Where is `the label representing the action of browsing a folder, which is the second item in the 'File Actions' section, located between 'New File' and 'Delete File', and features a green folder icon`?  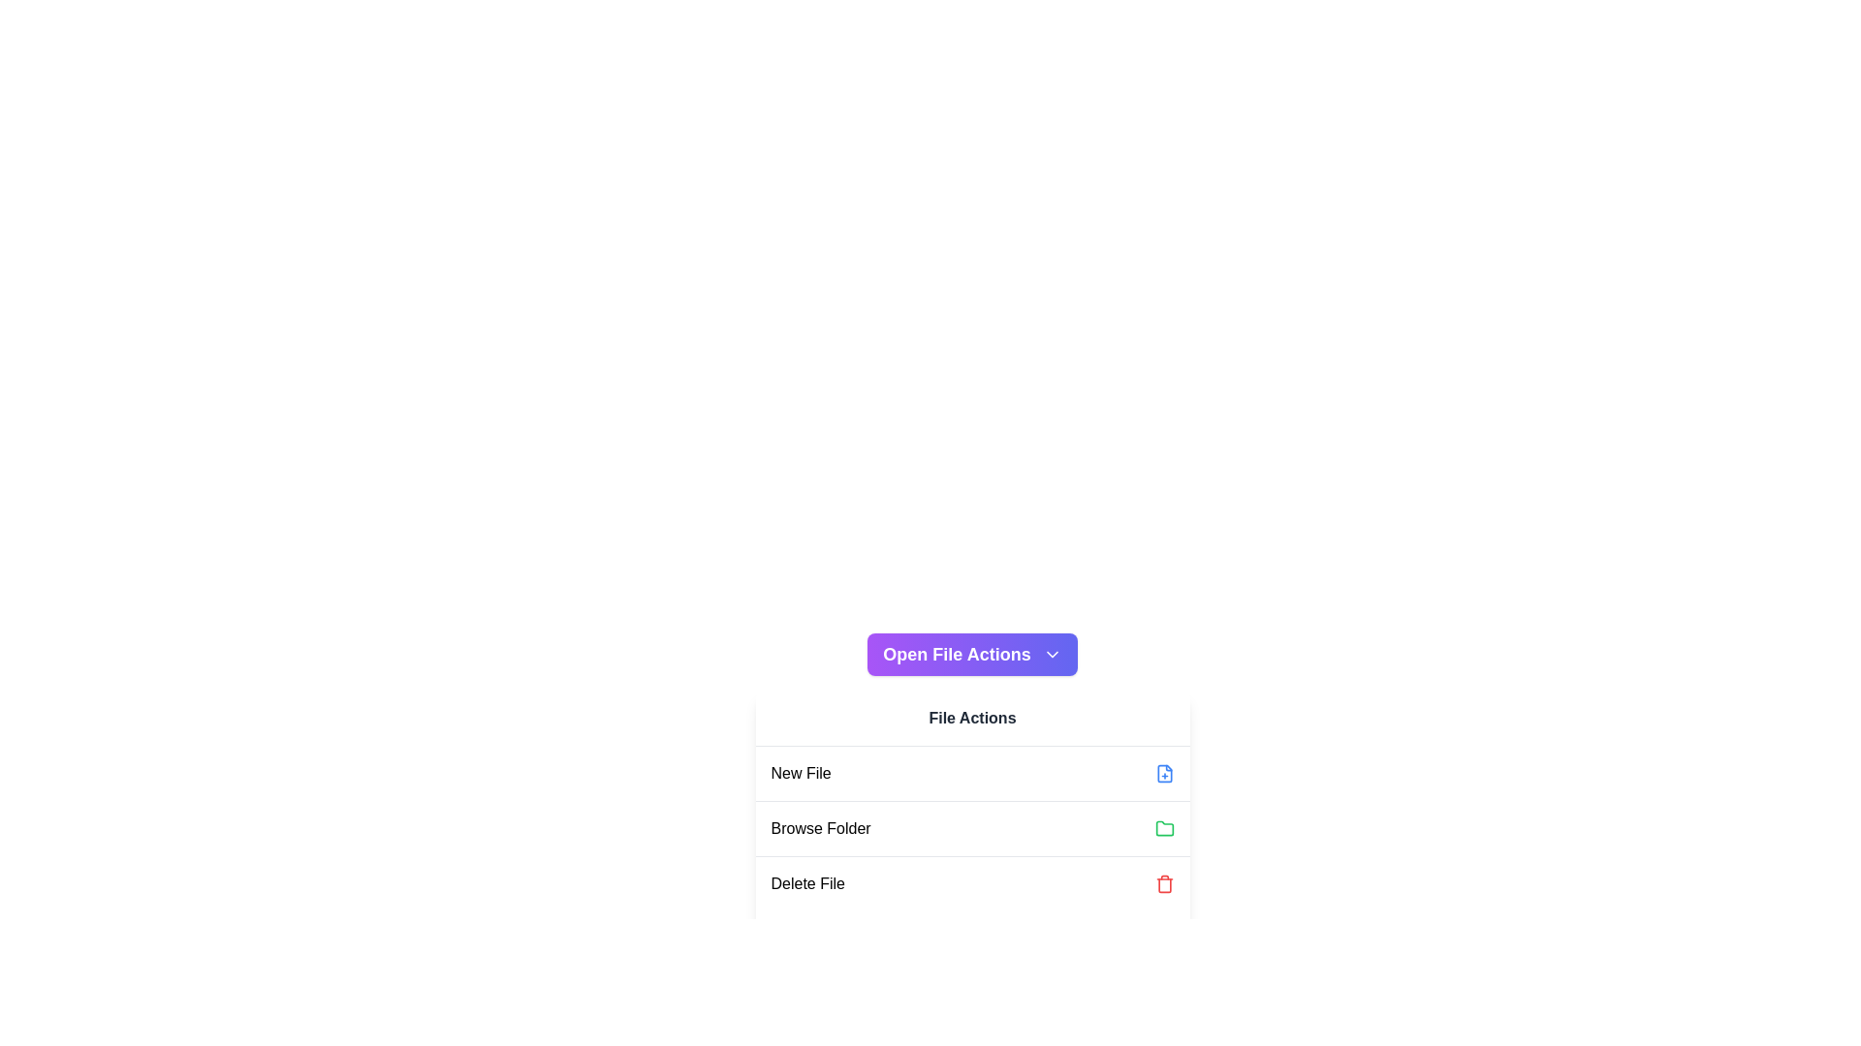 the label representing the action of browsing a folder, which is the second item in the 'File Actions' section, located between 'New File' and 'Delete File', and features a green folder icon is located at coordinates (821, 828).